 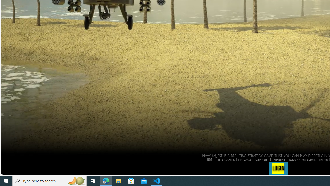 What do you see at coordinates (156, 180) in the screenshot?
I see `'Visual Studio Code - 1 running window'` at bounding box center [156, 180].